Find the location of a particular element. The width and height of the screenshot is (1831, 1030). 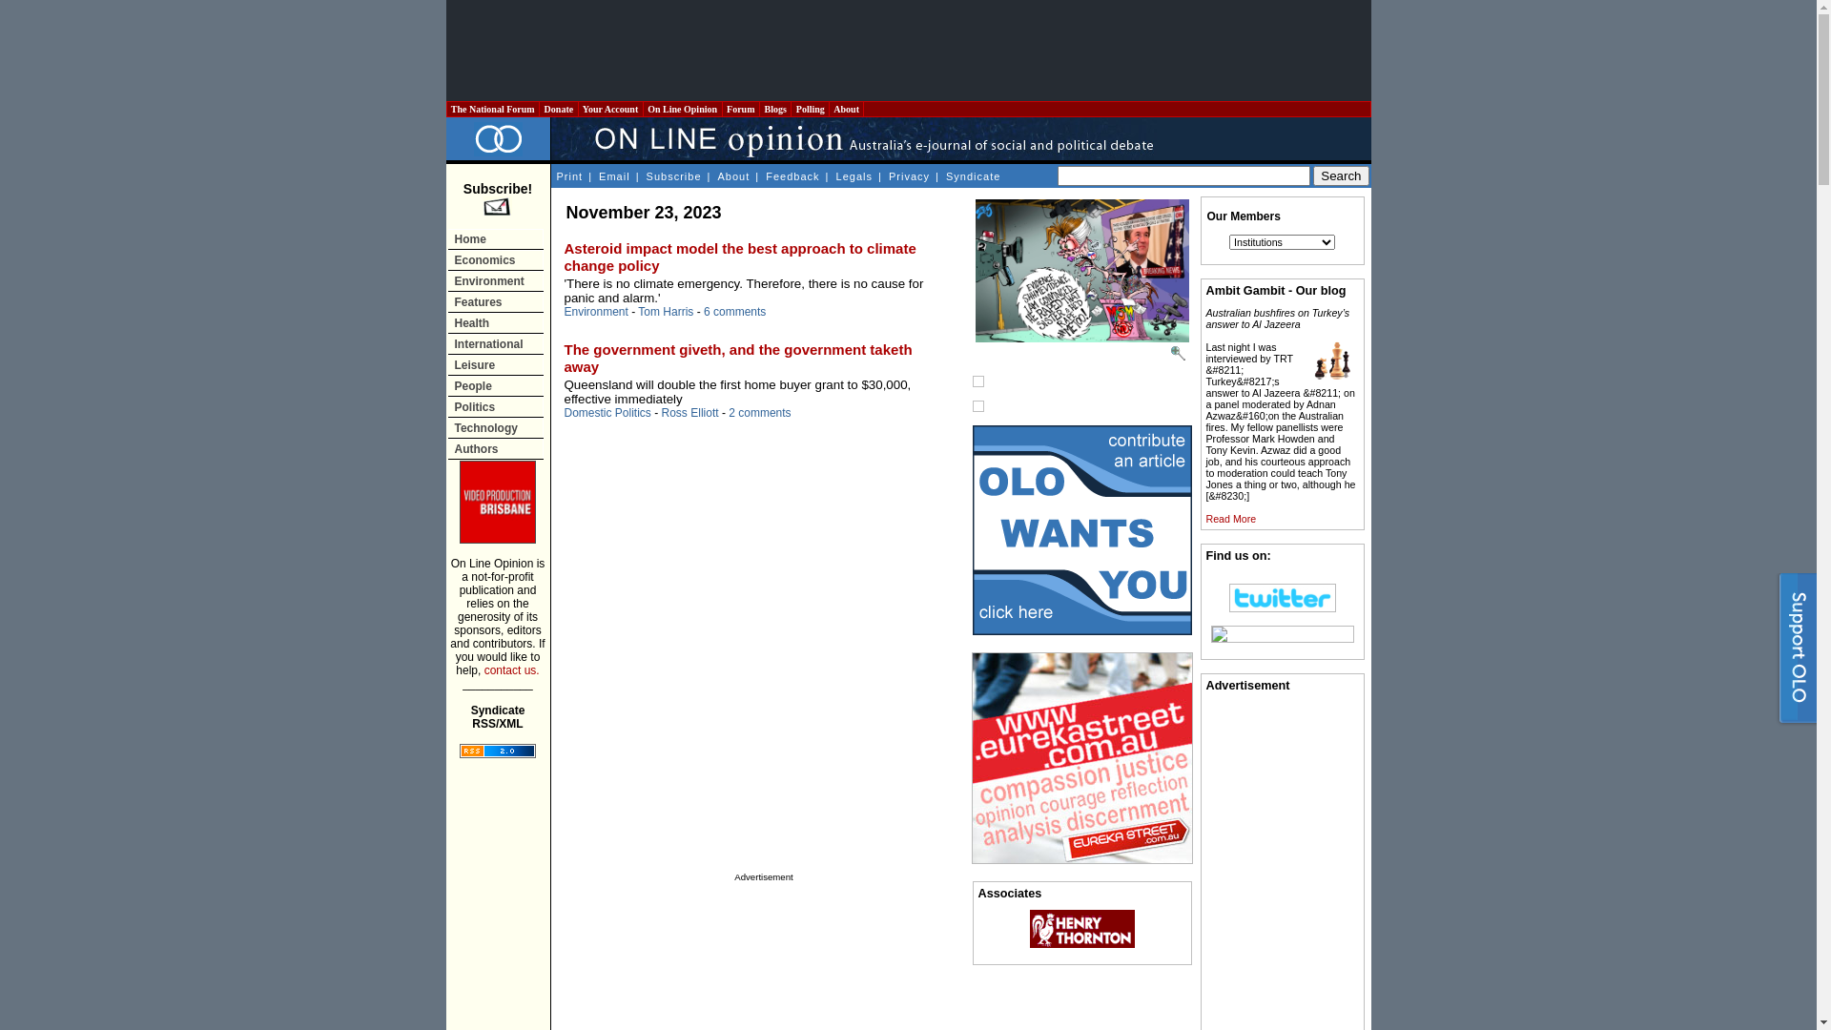

'Privacy' is located at coordinates (908, 175).